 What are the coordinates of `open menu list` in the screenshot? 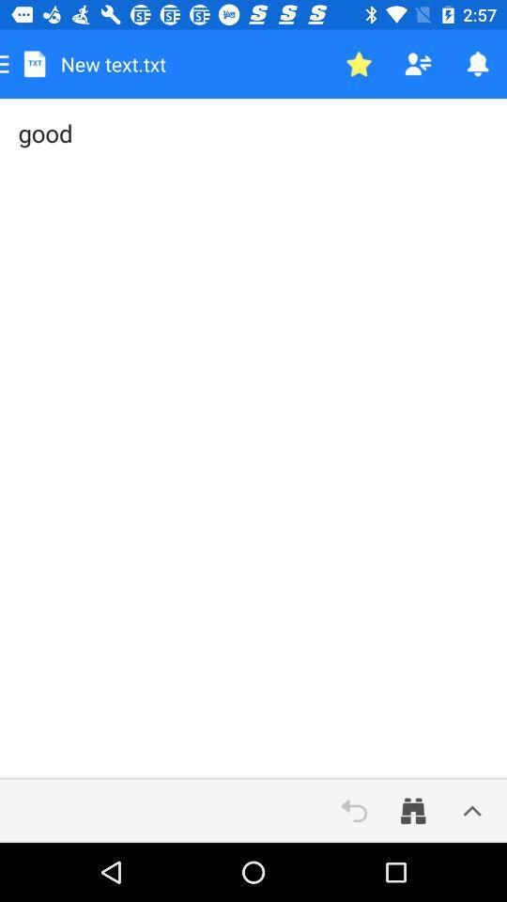 It's located at (471, 810).